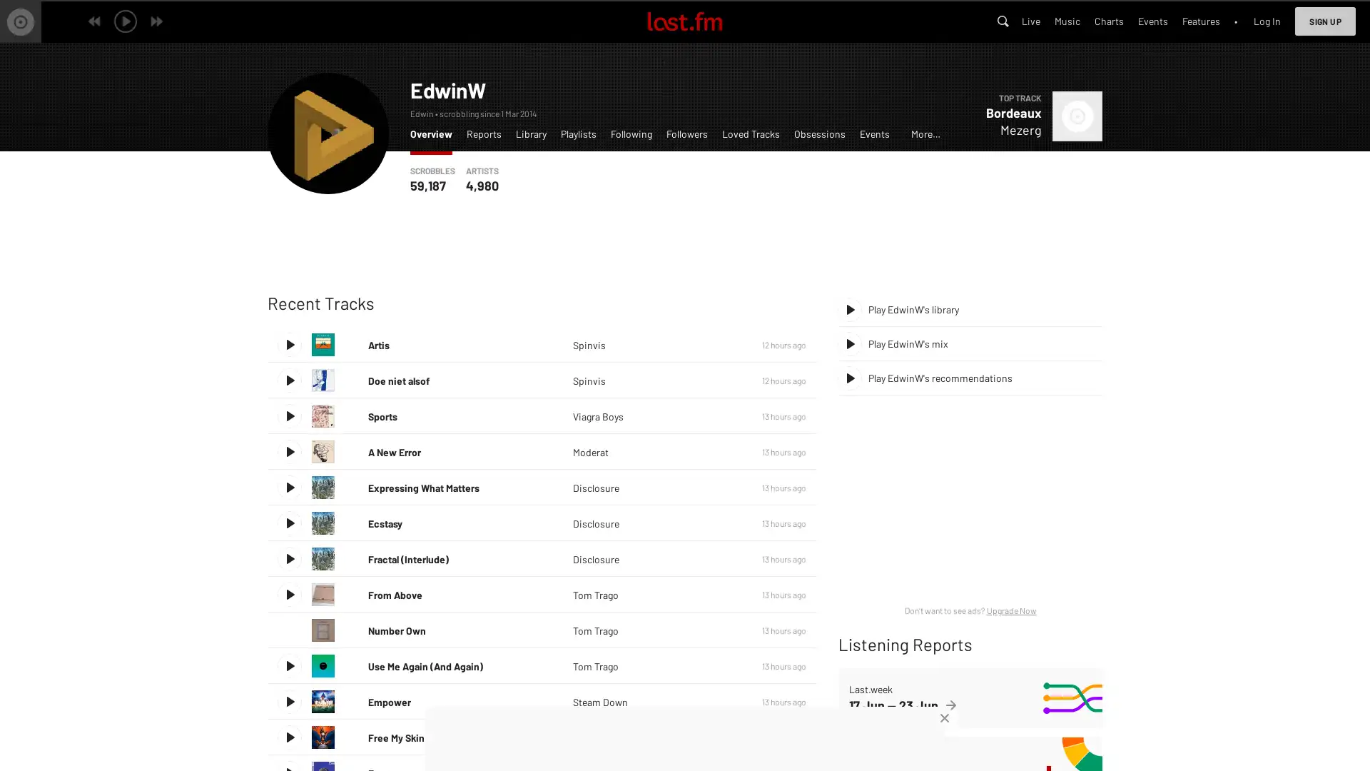  What do you see at coordinates (719, 737) in the screenshot?
I see `Buy` at bounding box center [719, 737].